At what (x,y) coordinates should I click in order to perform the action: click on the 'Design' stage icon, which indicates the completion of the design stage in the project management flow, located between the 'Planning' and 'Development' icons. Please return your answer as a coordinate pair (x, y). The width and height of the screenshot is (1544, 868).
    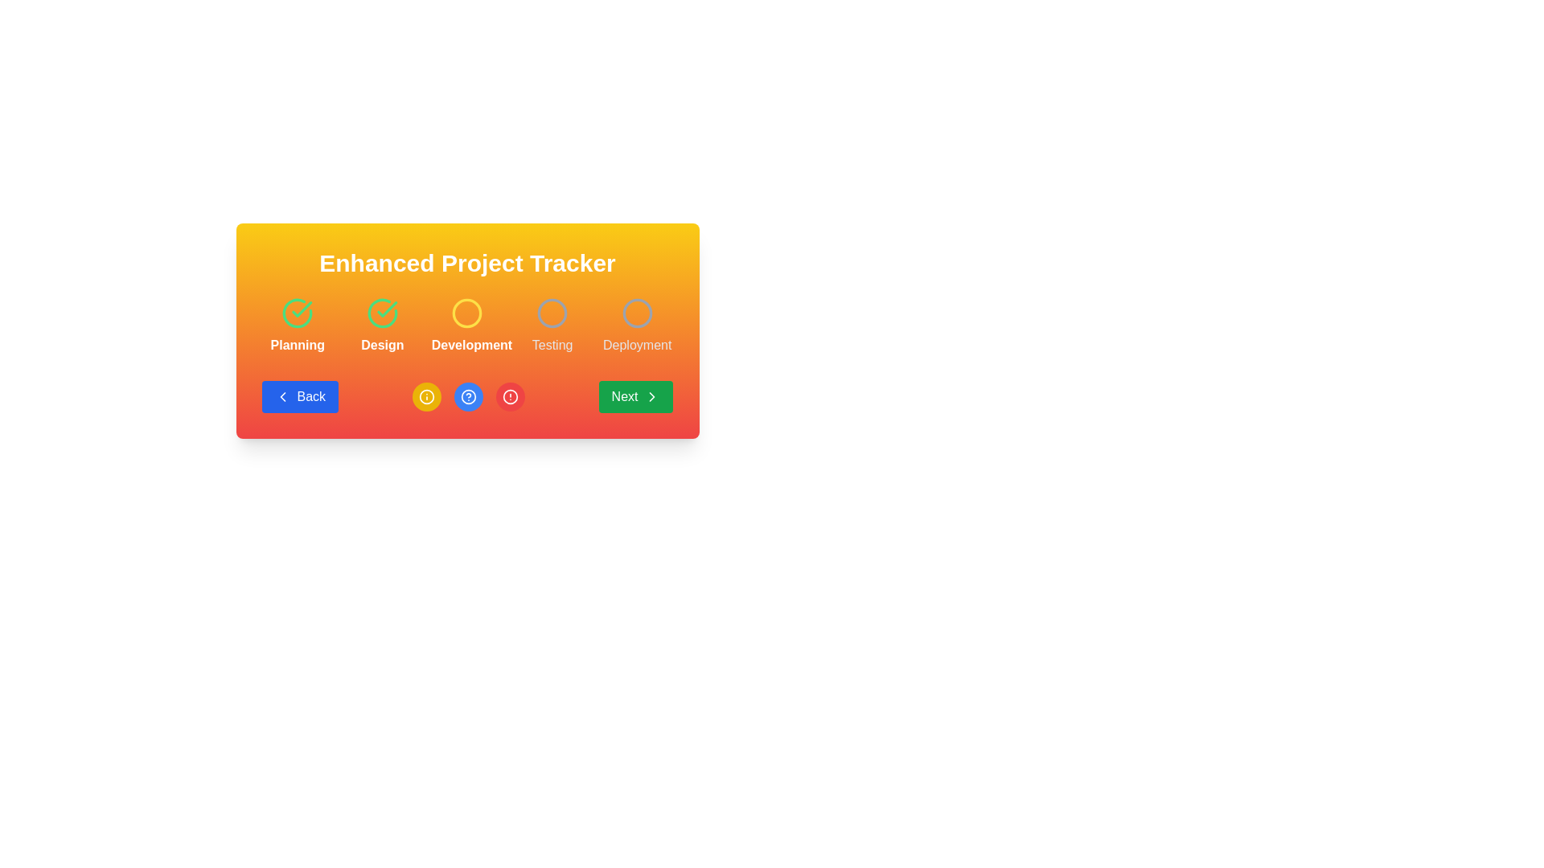
    Looking at the image, I should click on (381, 313).